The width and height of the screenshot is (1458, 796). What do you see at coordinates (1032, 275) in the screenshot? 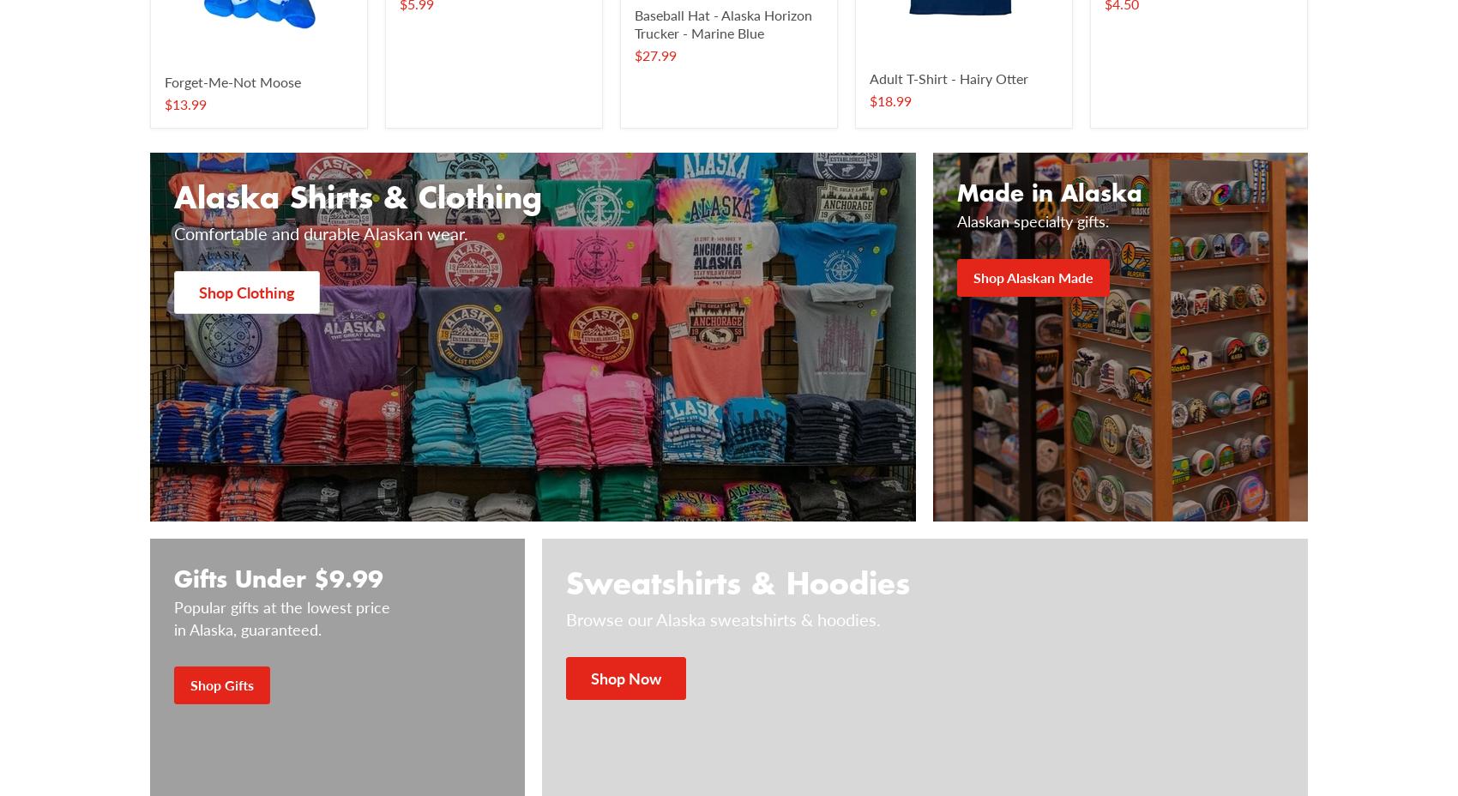
I see `'Shop Alaskan Made'` at bounding box center [1032, 275].